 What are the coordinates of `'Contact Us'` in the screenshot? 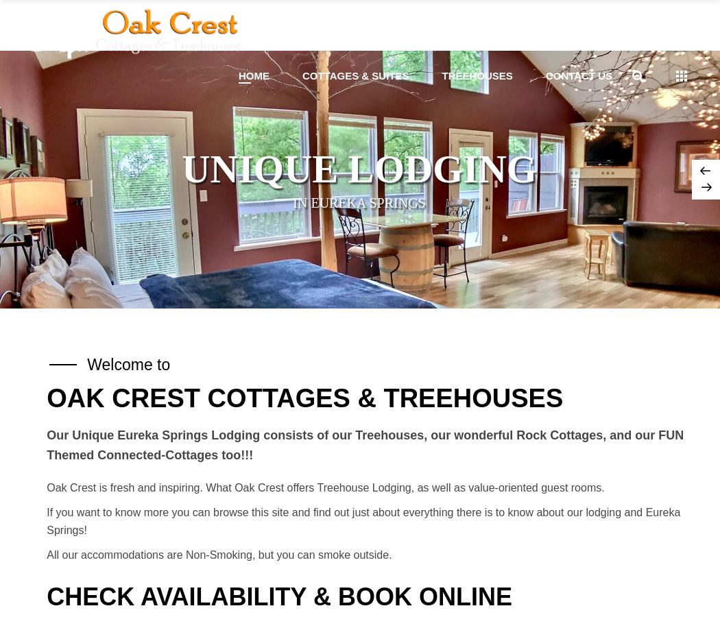 It's located at (578, 75).